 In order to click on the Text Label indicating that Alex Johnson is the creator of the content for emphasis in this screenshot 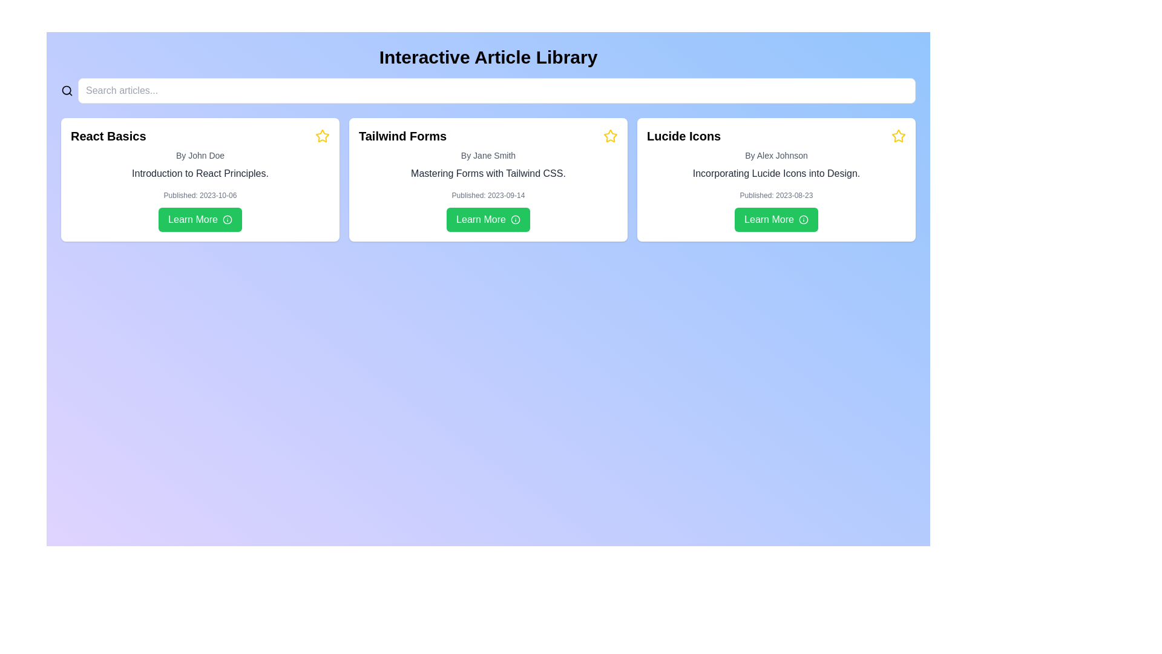, I will do `click(776, 155)`.